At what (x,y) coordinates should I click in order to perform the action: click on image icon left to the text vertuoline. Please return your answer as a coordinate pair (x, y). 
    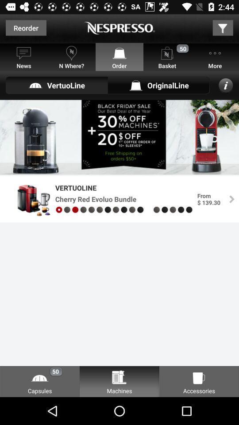
    Looking at the image, I should click on (29, 199).